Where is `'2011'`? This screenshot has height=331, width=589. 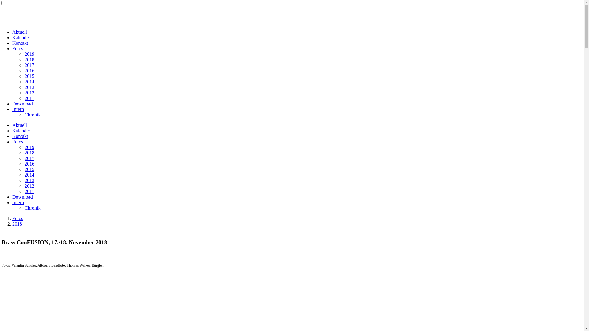 '2011' is located at coordinates (29, 191).